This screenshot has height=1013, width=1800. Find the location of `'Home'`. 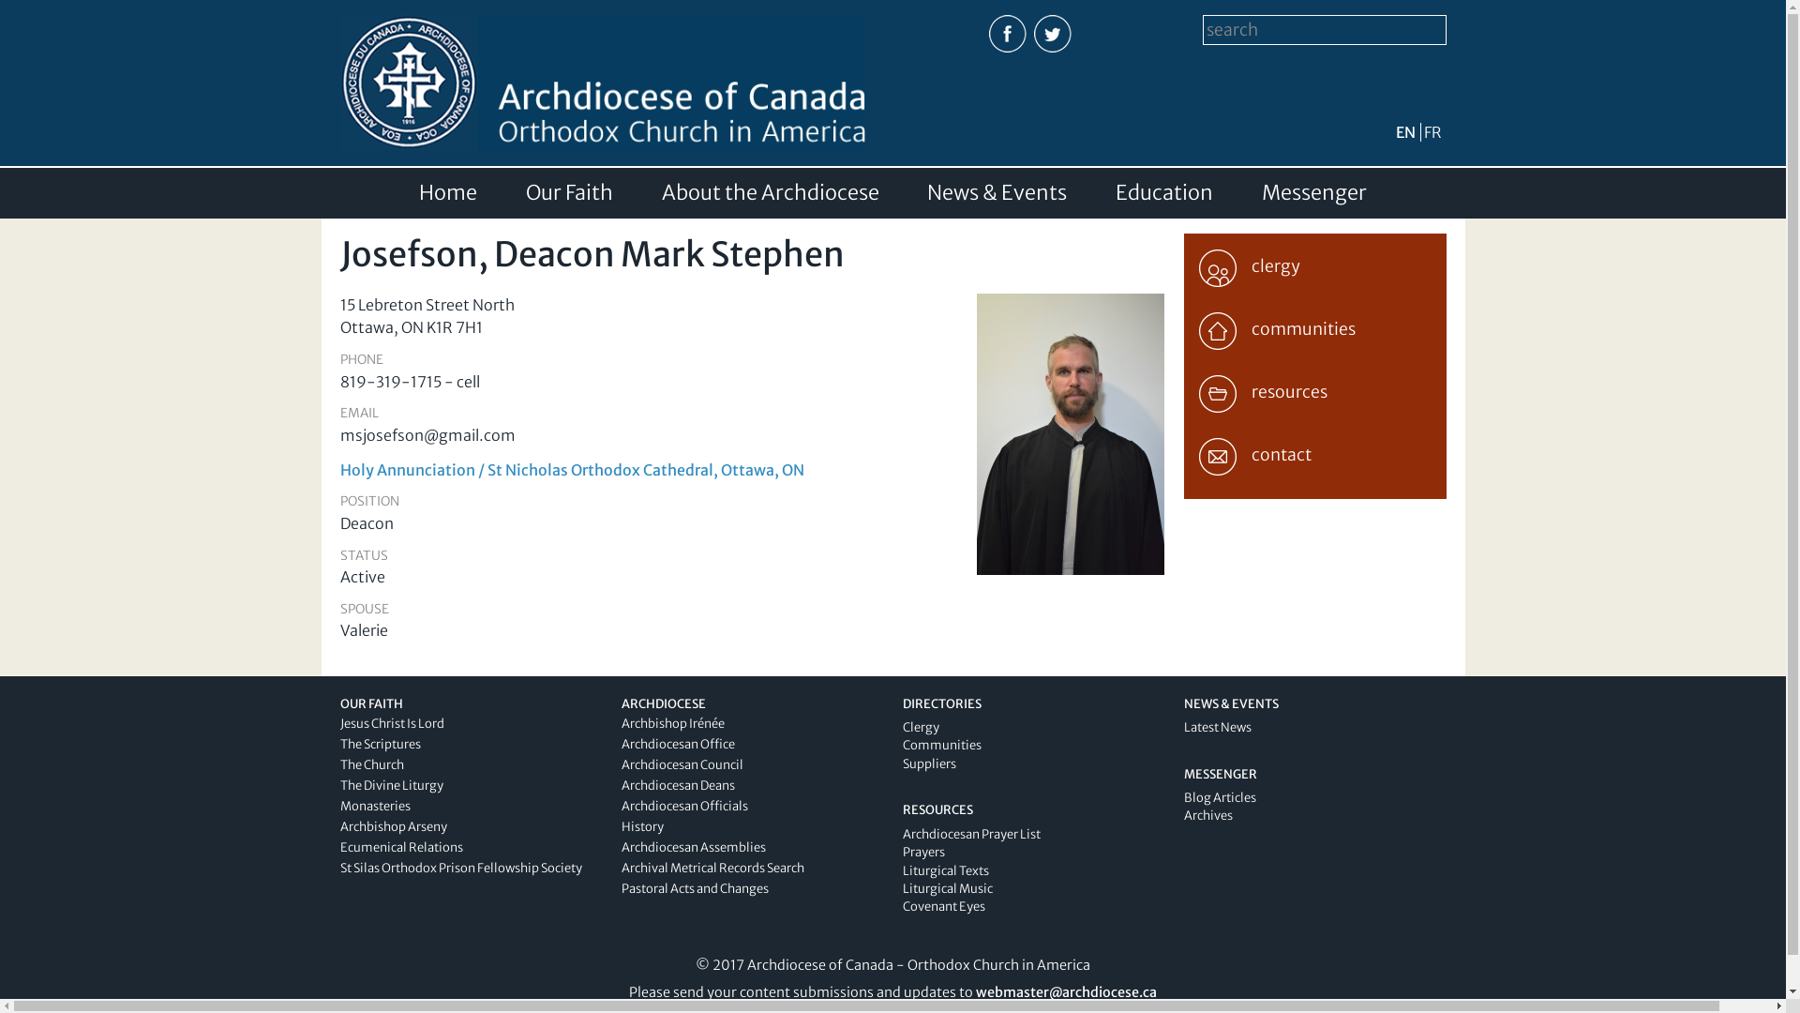

'Home' is located at coordinates (417, 192).